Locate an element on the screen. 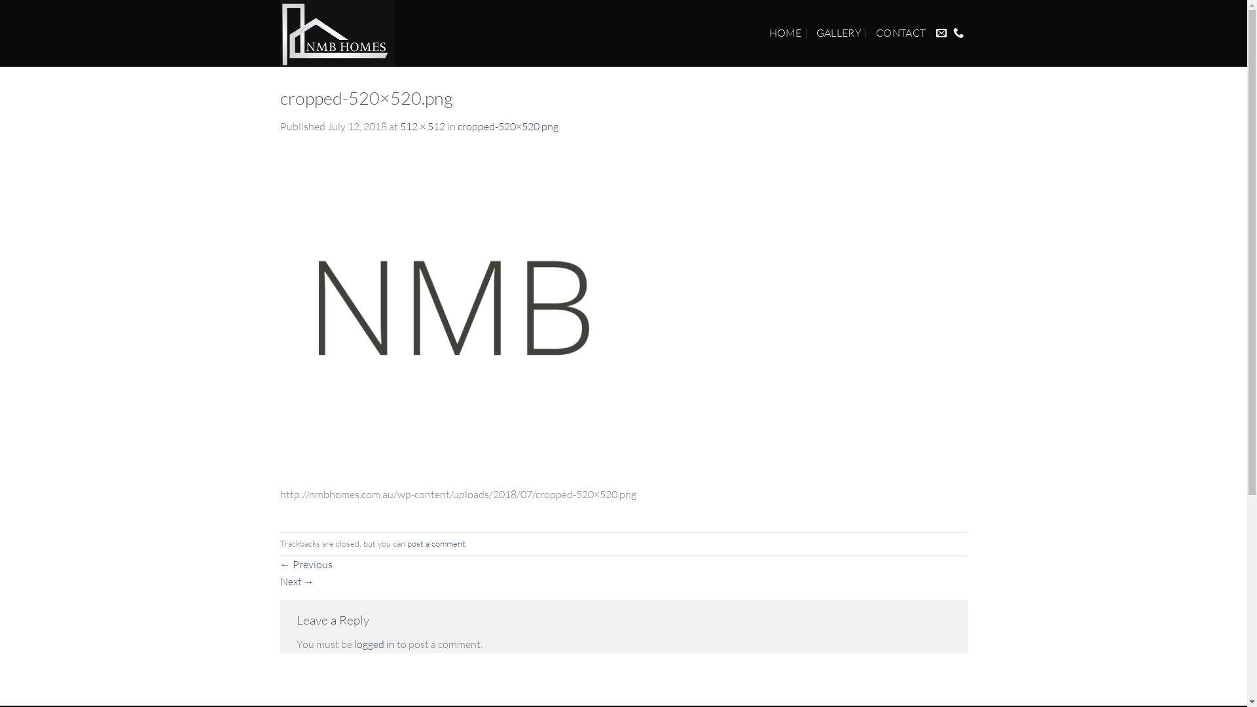 The image size is (1257, 707). 'NMB Homes - Renovation Specialist' is located at coordinates (348, 32).